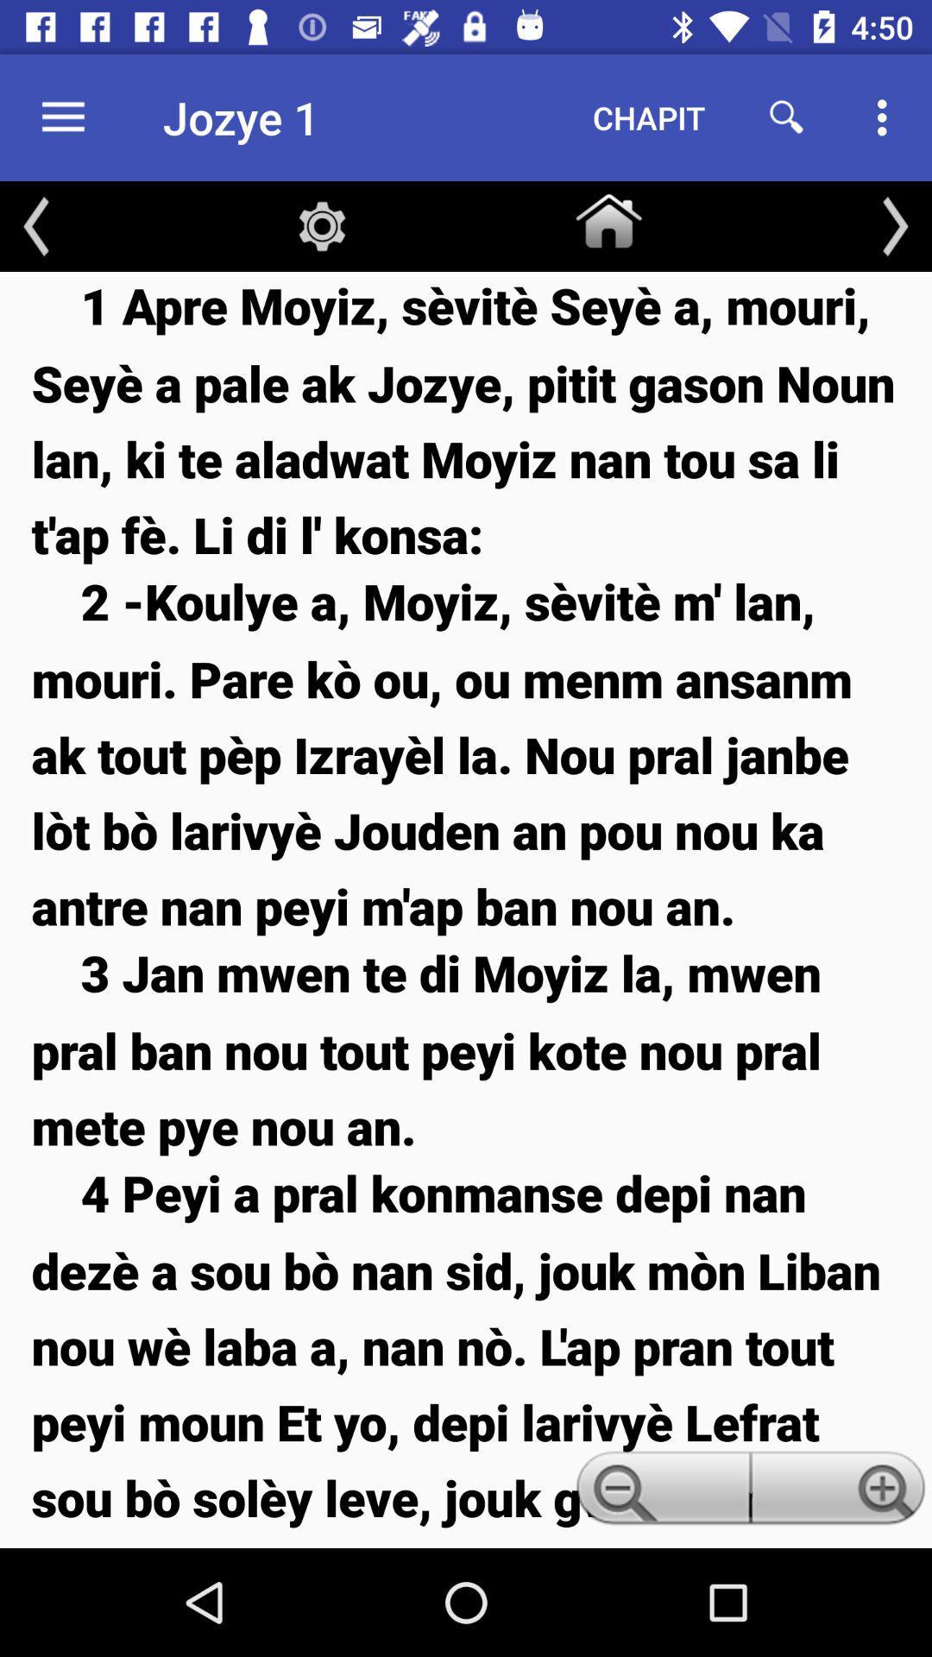 This screenshot has height=1657, width=932. Describe the element at coordinates (466, 1048) in the screenshot. I see `icon below the 2 koulye a item` at that location.